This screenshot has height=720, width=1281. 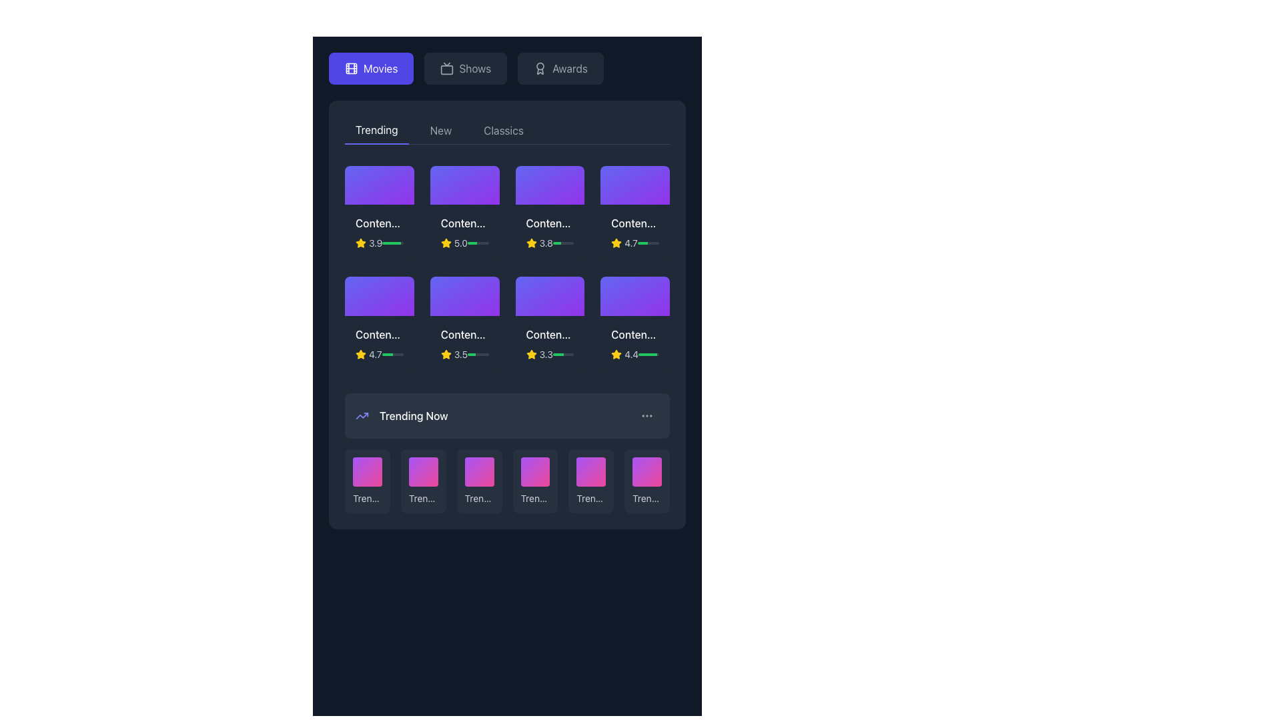 What do you see at coordinates (502, 131) in the screenshot?
I see `the 'Classics' button in the navigation menu` at bounding box center [502, 131].